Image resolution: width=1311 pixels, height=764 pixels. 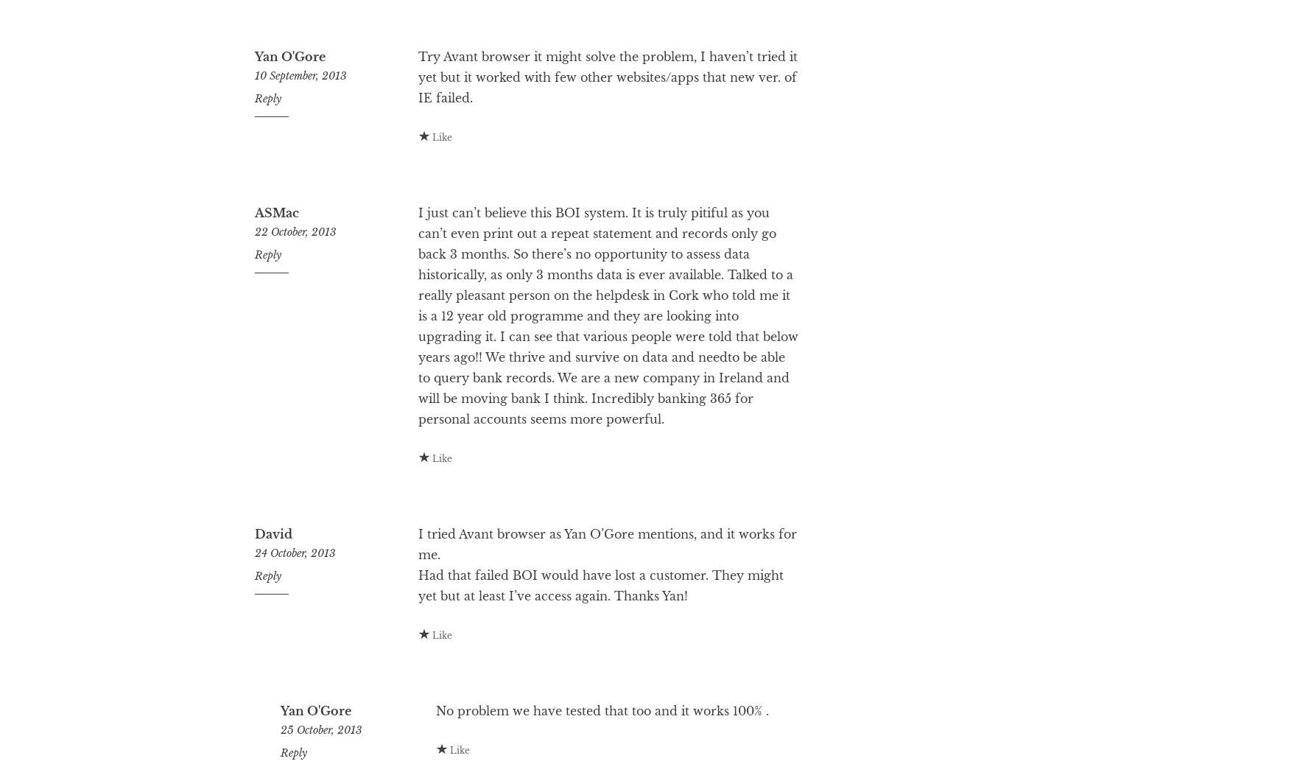 I want to click on '24 October, 2013', so click(x=295, y=612).